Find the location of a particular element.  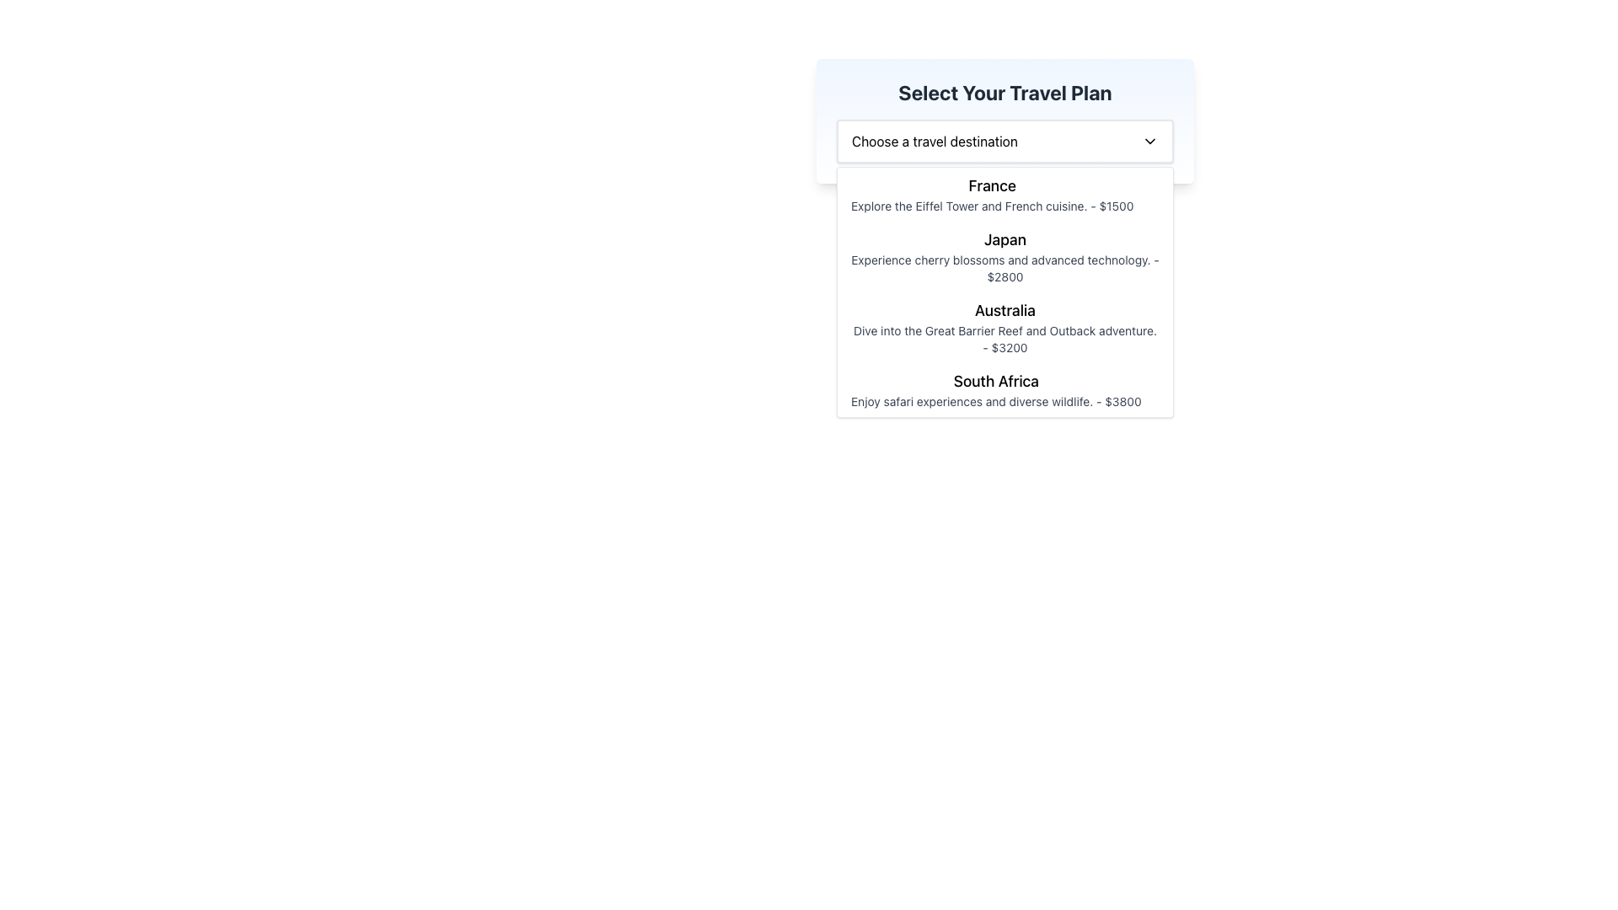

the text label providing additional descriptive information and price for the France travel option, located below the 'France' header in the travel plan dropdown menu is located at coordinates (992, 206).